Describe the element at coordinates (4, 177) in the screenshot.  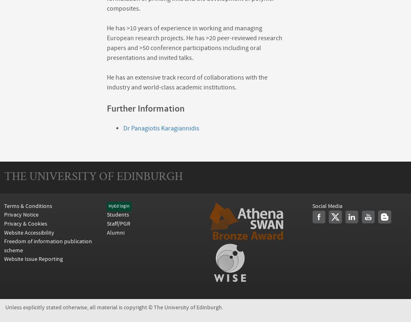
I see `'THE UNIVERSITY OF EDINBURGH'` at that location.